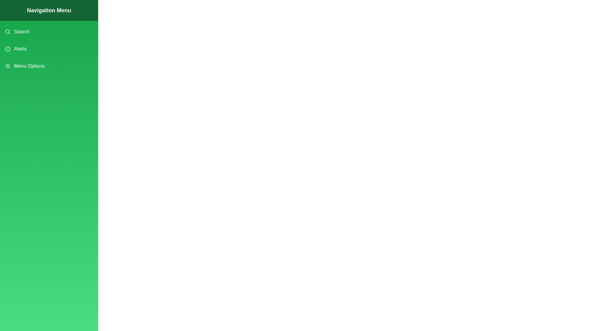 This screenshot has width=589, height=331. What do you see at coordinates (12, 12) in the screenshot?
I see `the toggle button to toggle the drawer's open/close state` at bounding box center [12, 12].